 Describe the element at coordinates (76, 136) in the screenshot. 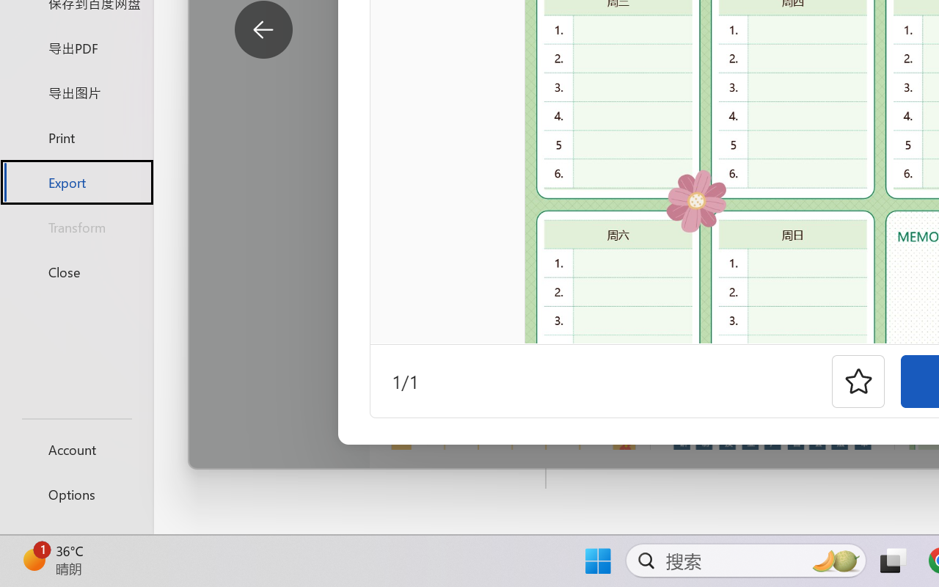

I see `'Print'` at that location.